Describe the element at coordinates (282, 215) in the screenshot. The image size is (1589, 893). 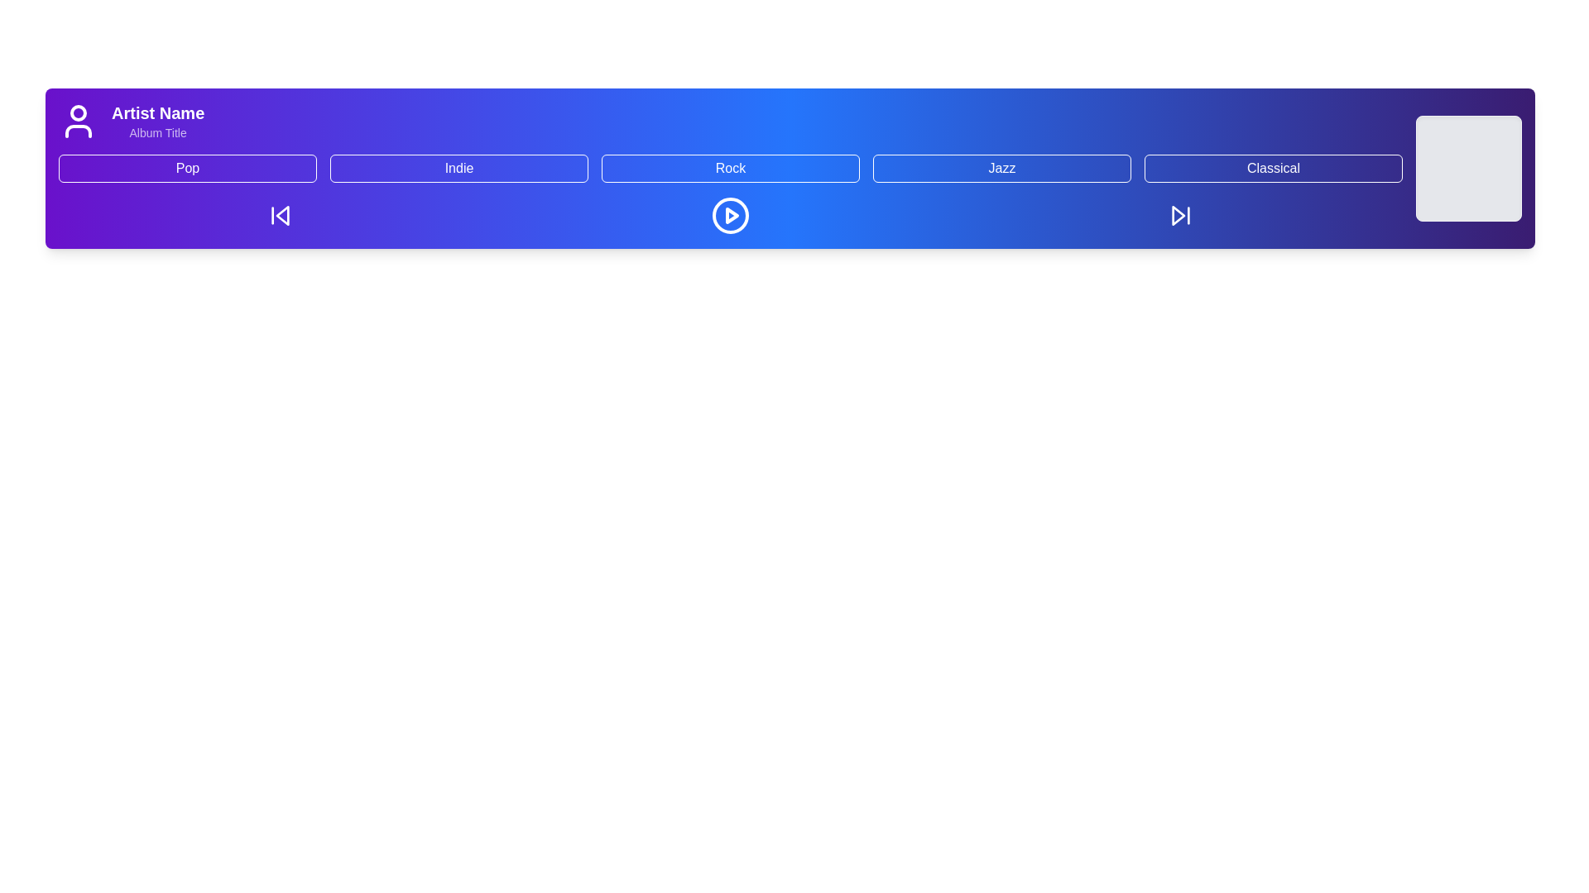
I see `the skip-back button located centrally towards the left side of the media playback interface` at that location.